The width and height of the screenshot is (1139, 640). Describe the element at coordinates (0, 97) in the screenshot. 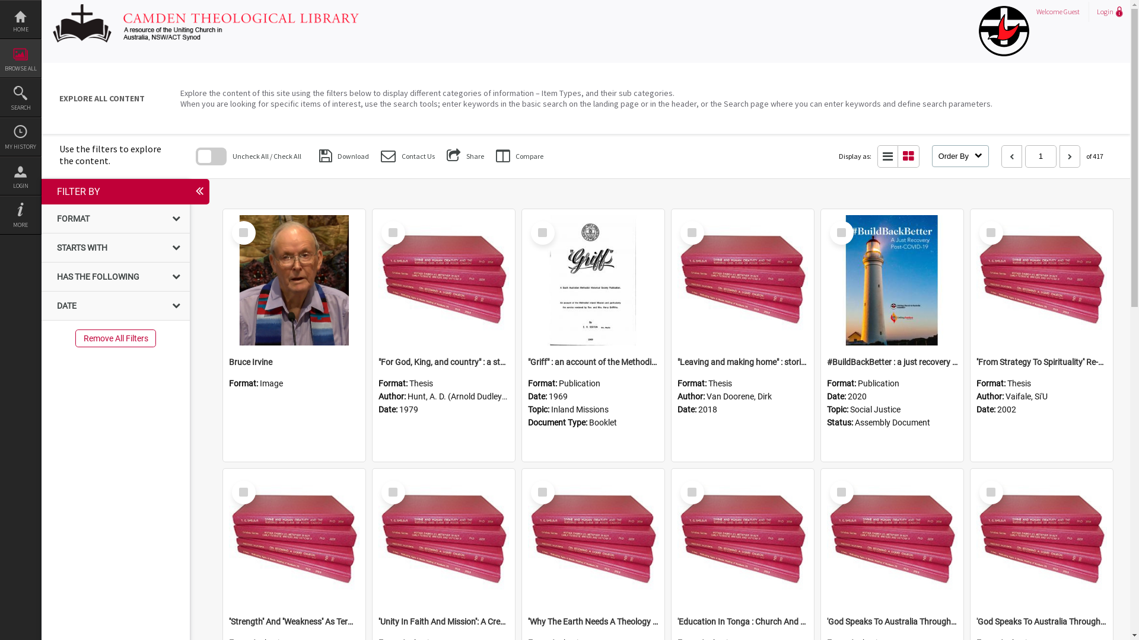

I see `'SEARCH'` at that location.